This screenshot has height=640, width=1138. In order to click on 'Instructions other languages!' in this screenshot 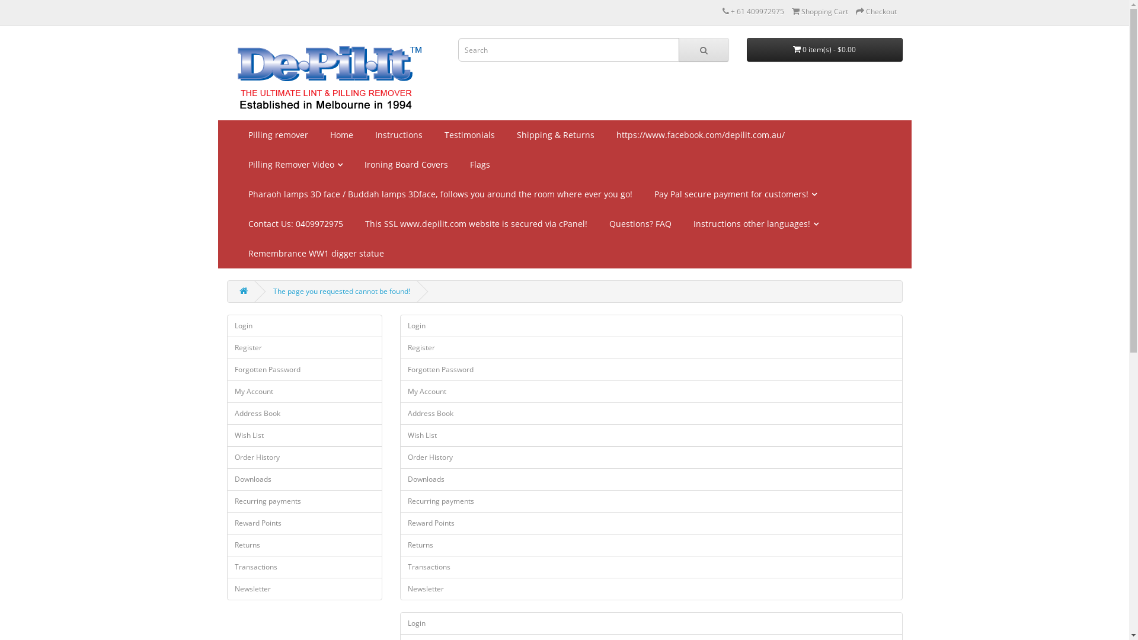, I will do `click(680, 224)`.